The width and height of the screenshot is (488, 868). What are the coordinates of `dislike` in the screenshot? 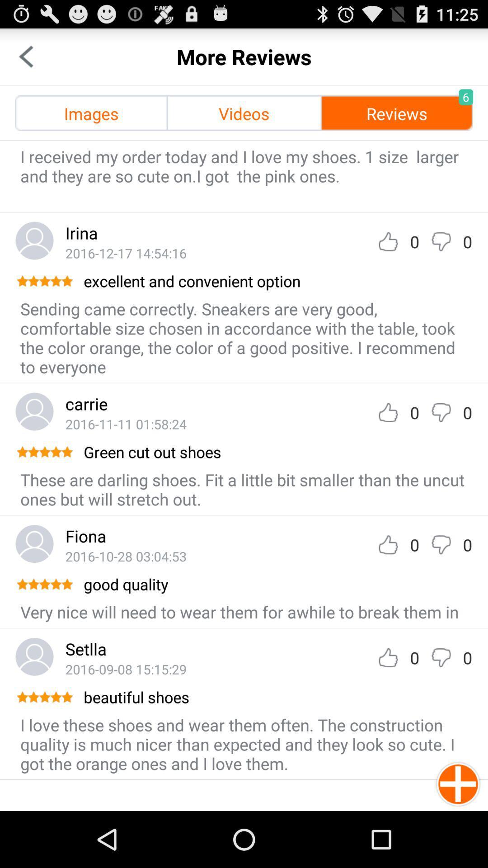 It's located at (441, 241).